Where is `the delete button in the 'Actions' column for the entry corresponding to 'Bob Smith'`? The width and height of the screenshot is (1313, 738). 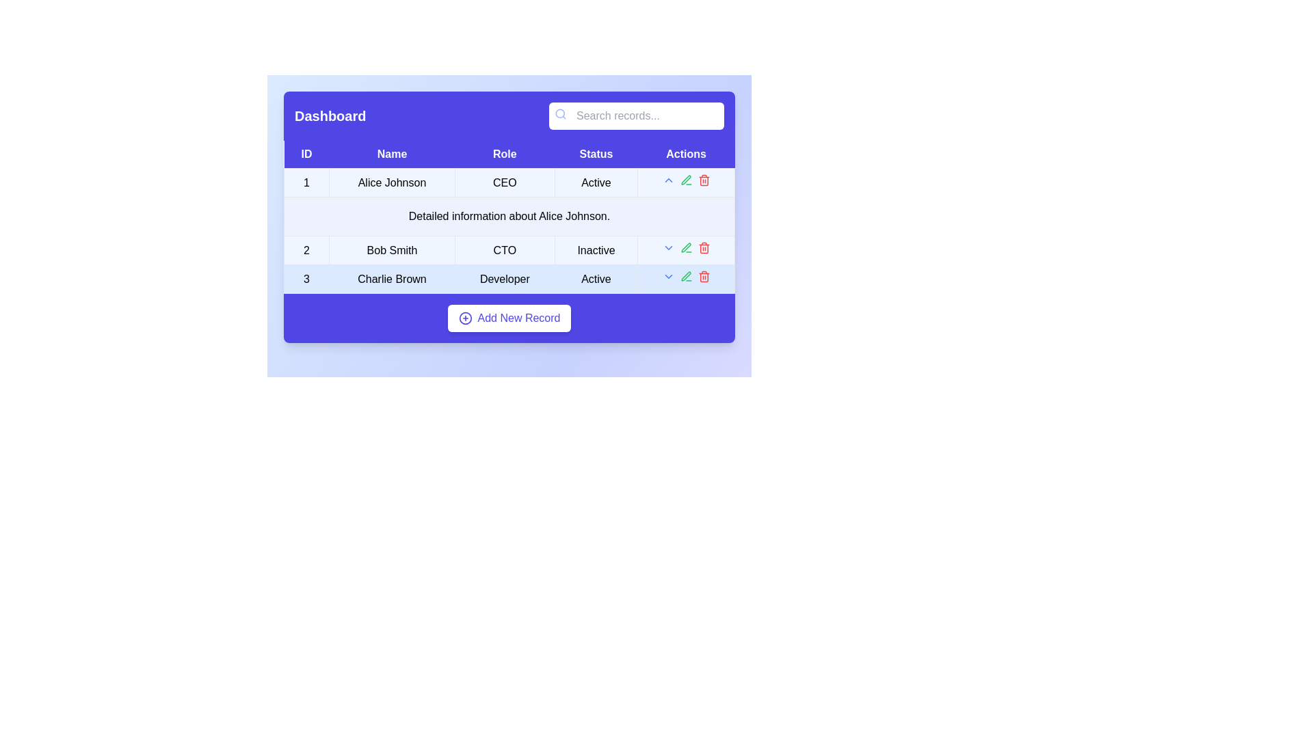 the delete button in the 'Actions' column for the entry corresponding to 'Bob Smith' is located at coordinates (704, 247).